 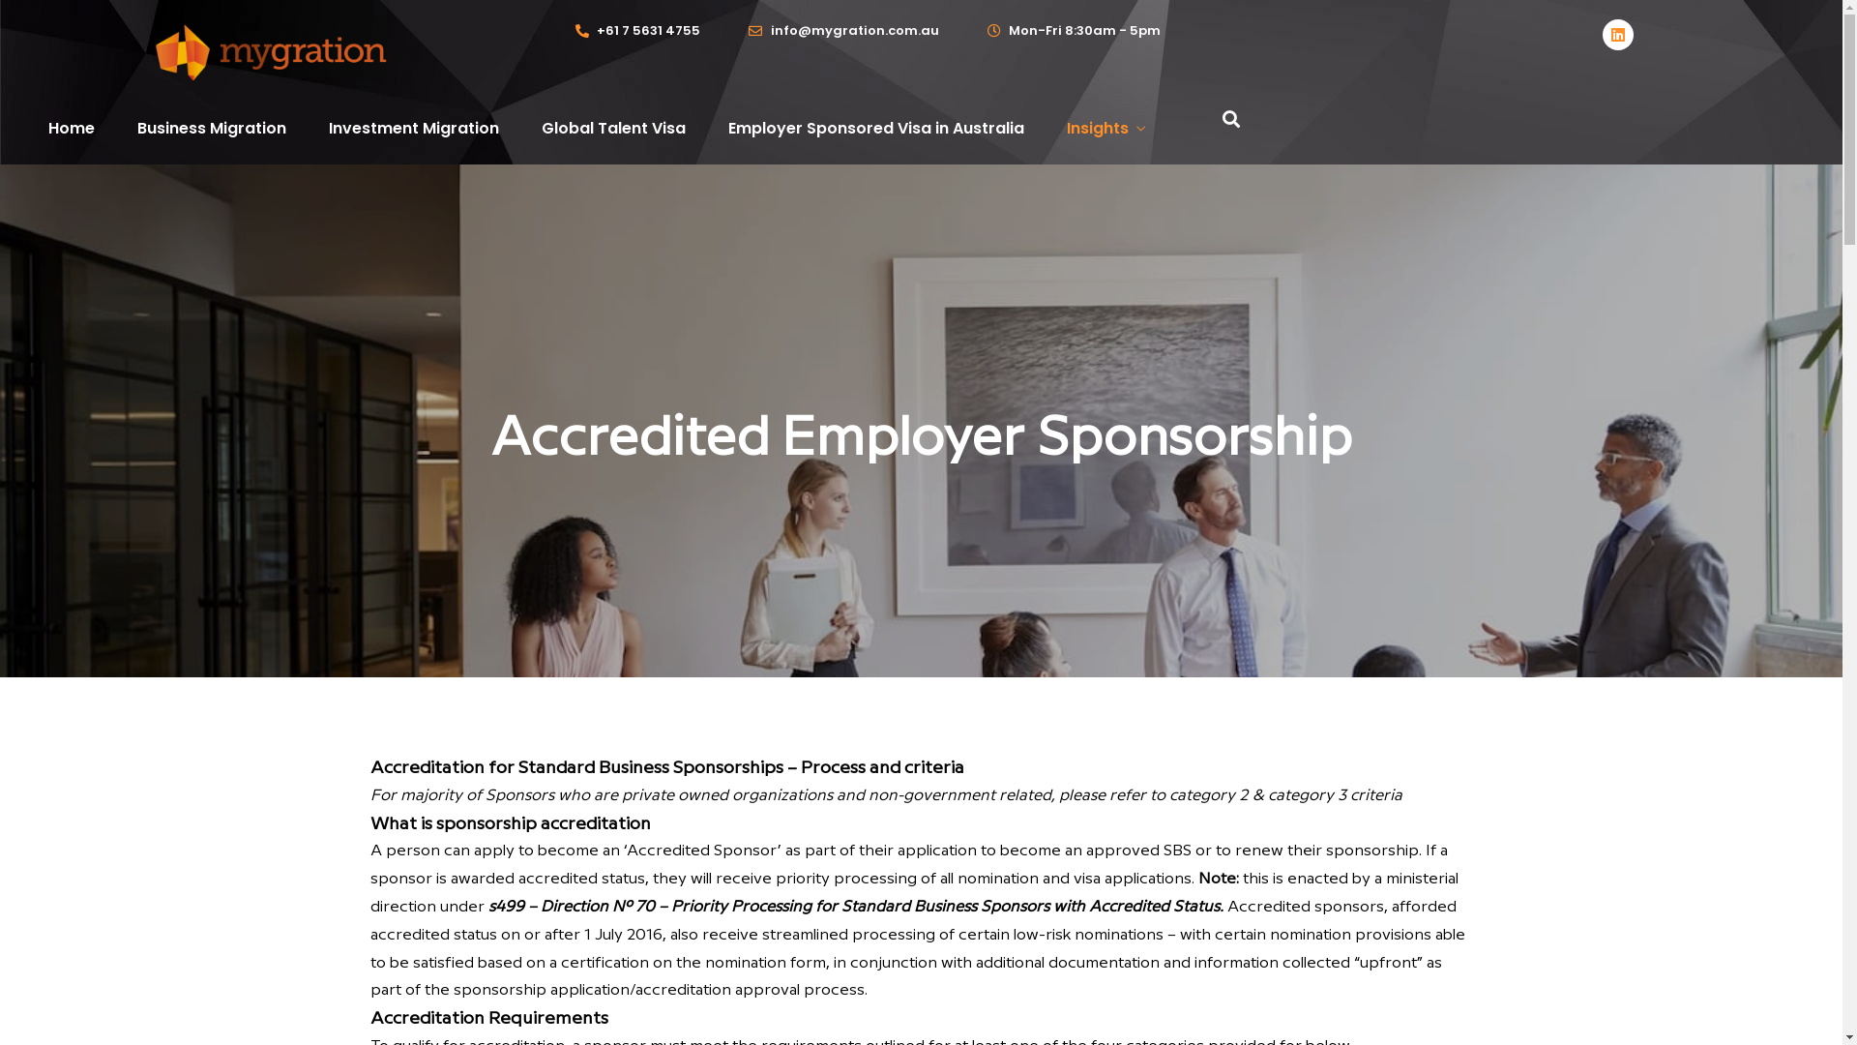 What do you see at coordinates (1066, 130) in the screenshot?
I see `'Insights'` at bounding box center [1066, 130].